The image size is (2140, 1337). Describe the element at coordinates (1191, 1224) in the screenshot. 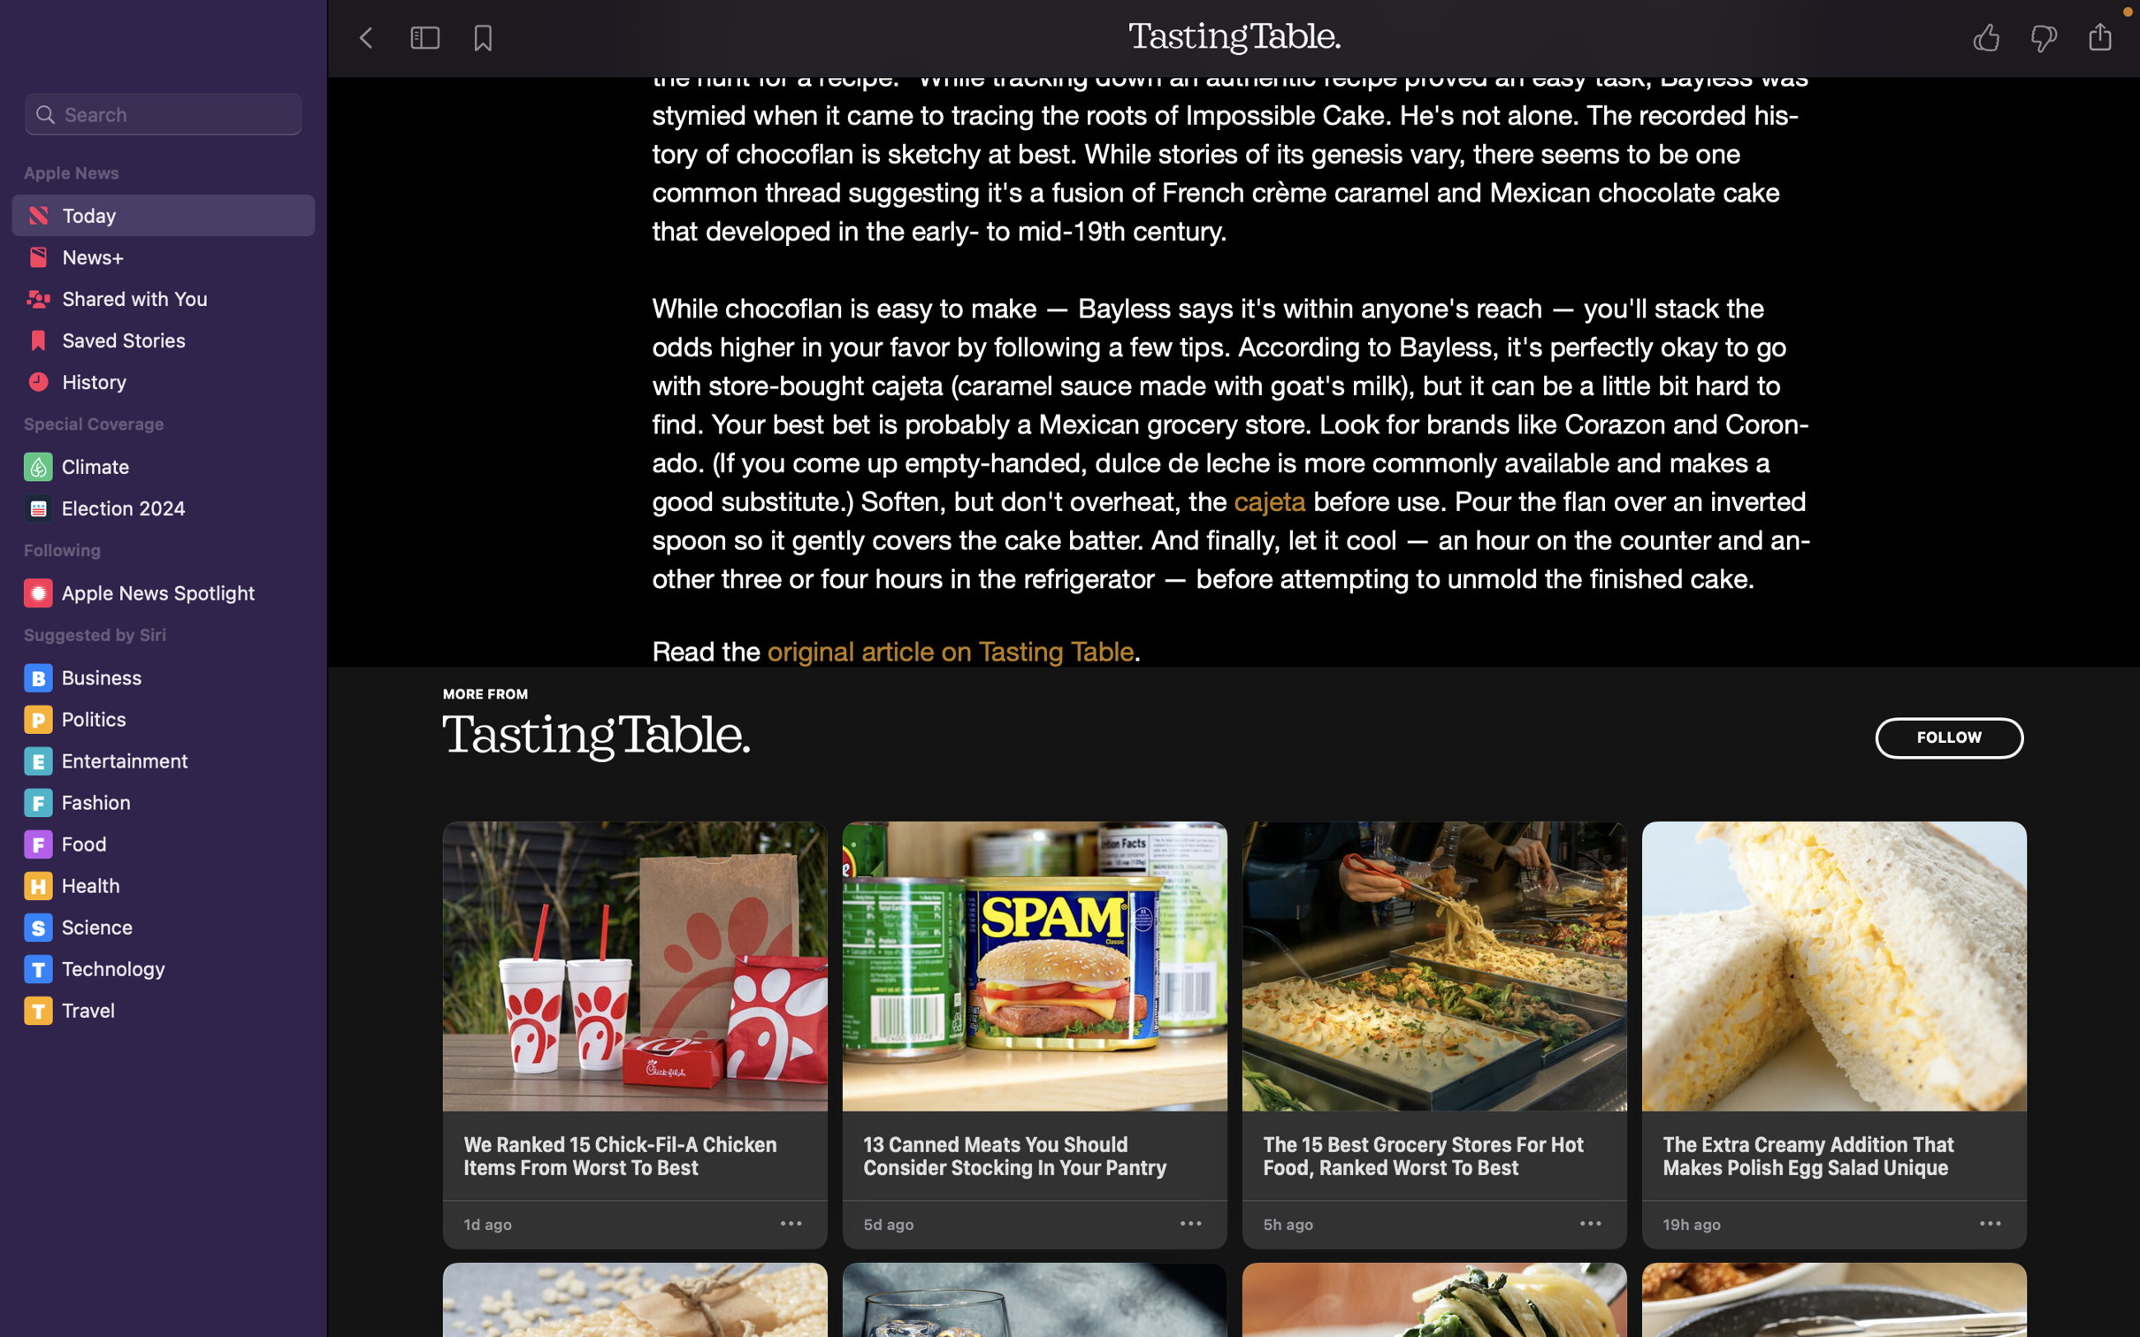

I see `the options of the second article on Tasting Table` at that location.